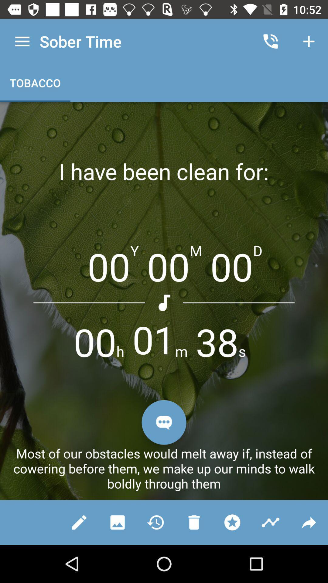  What do you see at coordinates (79, 522) in the screenshot?
I see `the item at the bottom left corner` at bounding box center [79, 522].